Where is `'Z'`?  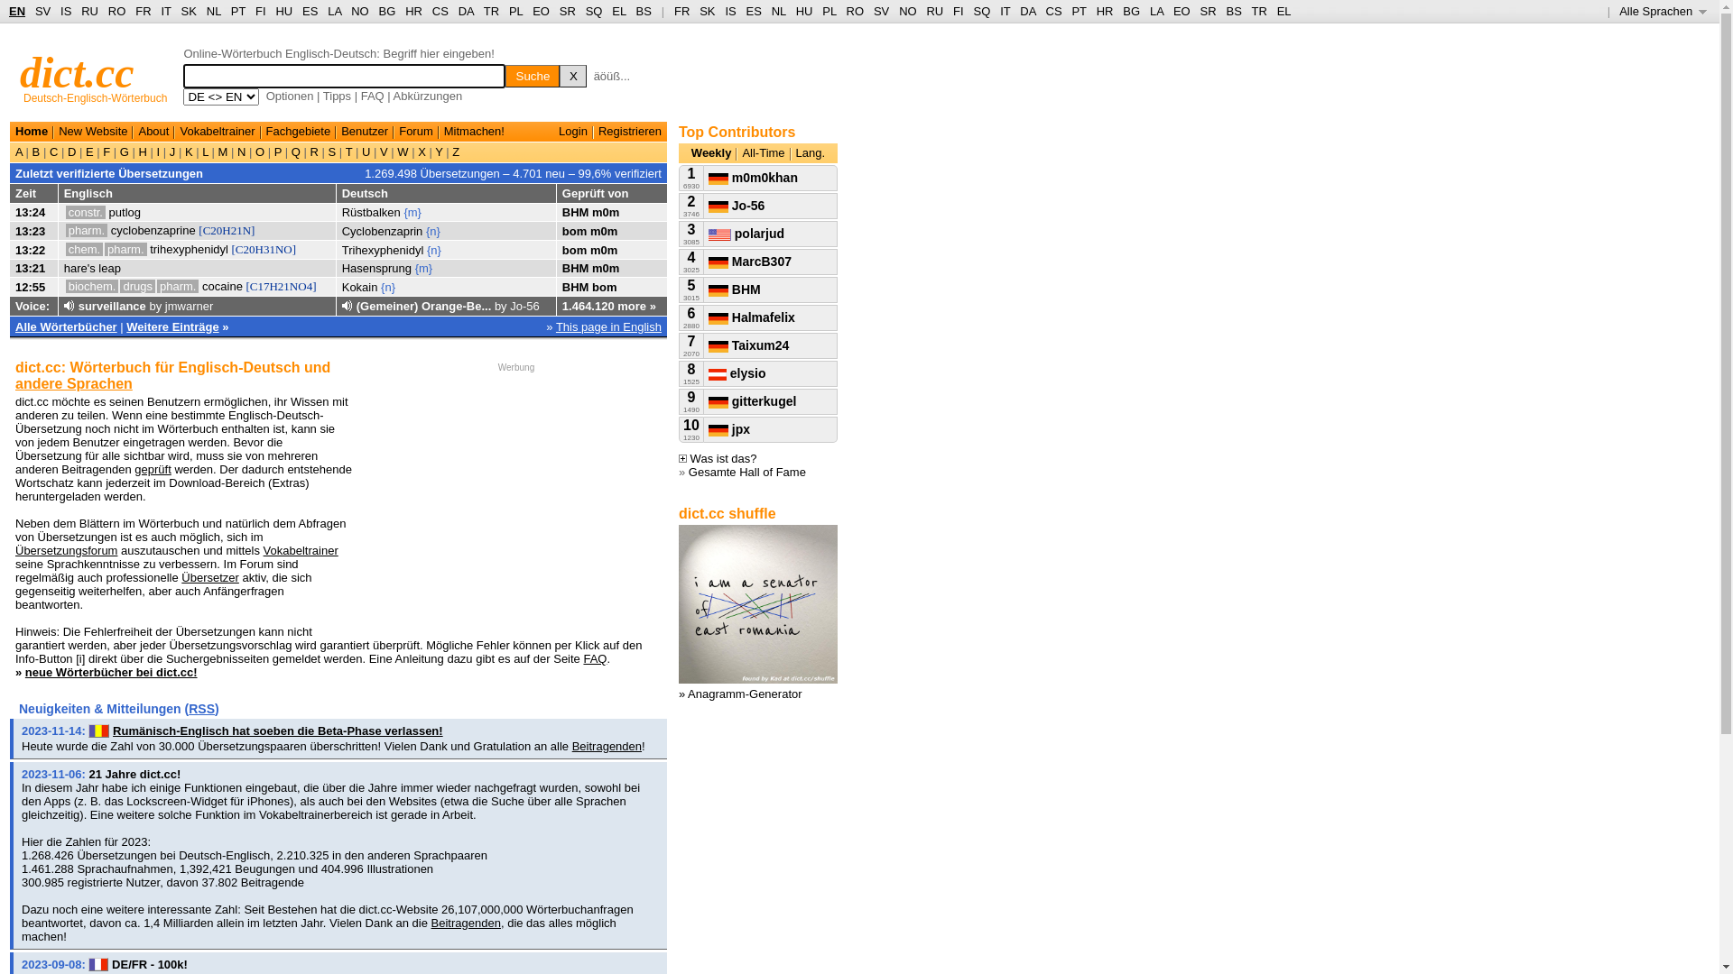
'Z' is located at coordinates (455, 151).